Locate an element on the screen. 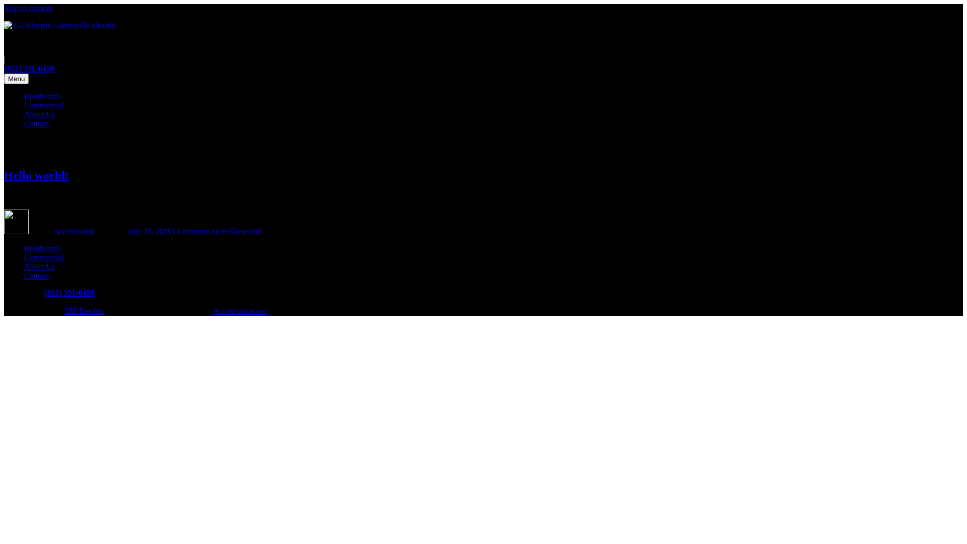  'Commercial' is located at coordinates (43, 105).